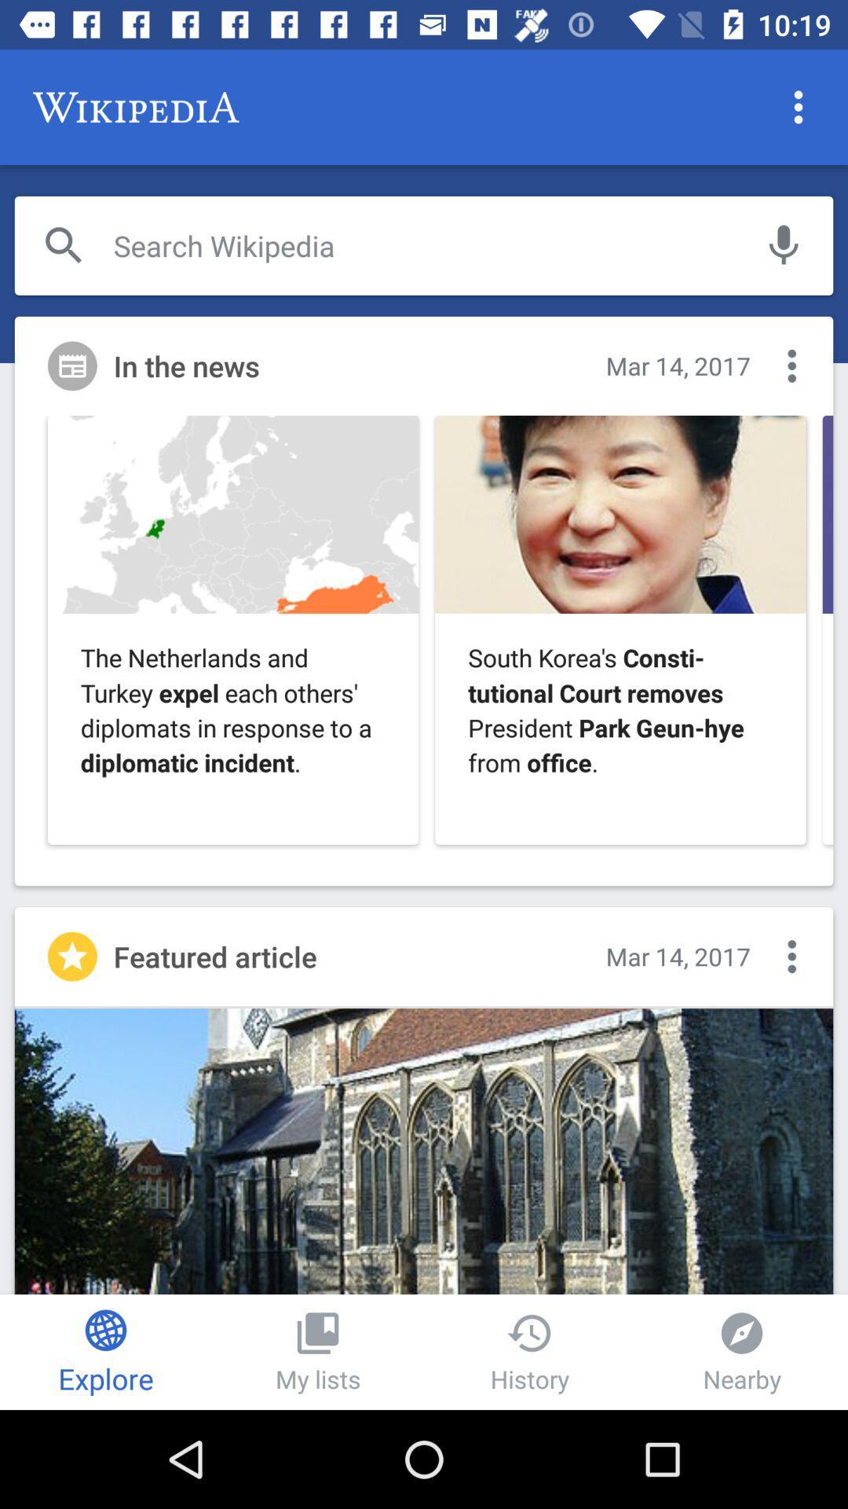 This screenshot has height=1509, width=848. I want to click on the more icon which is at the top right, so click(799, 107).